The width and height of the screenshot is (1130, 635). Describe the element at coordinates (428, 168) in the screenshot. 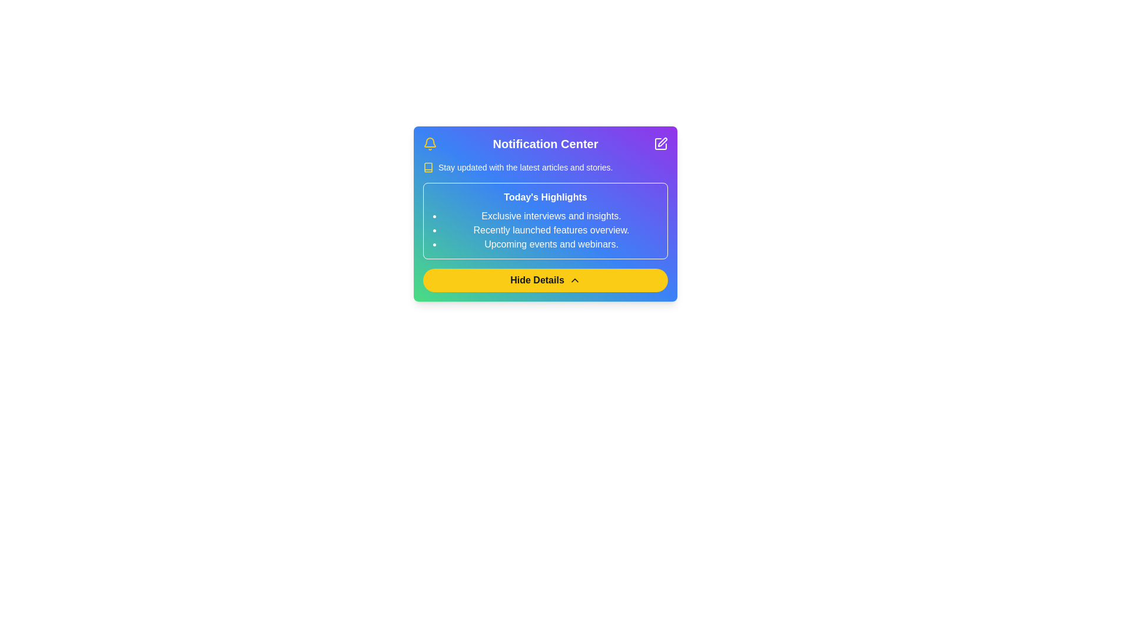

I see `the book icon with a yellow stroke located at the top left corner of the notification panel` at that location.